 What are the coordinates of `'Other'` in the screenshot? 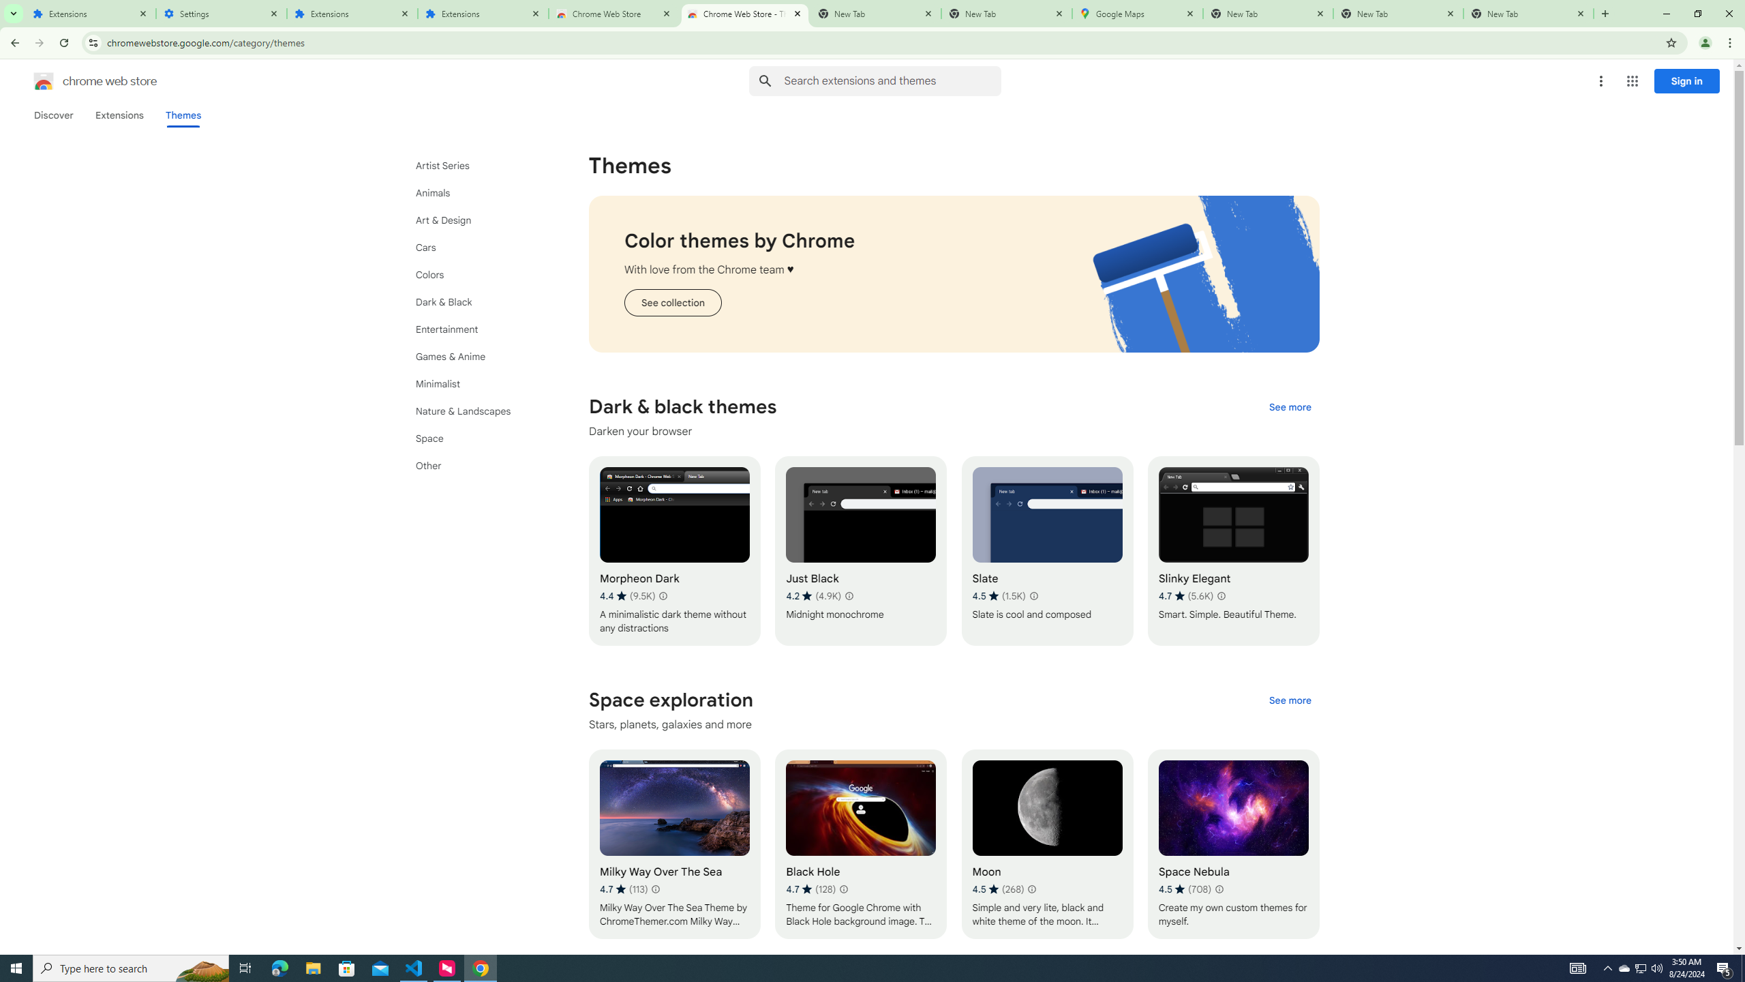 It's located at (478, 464).